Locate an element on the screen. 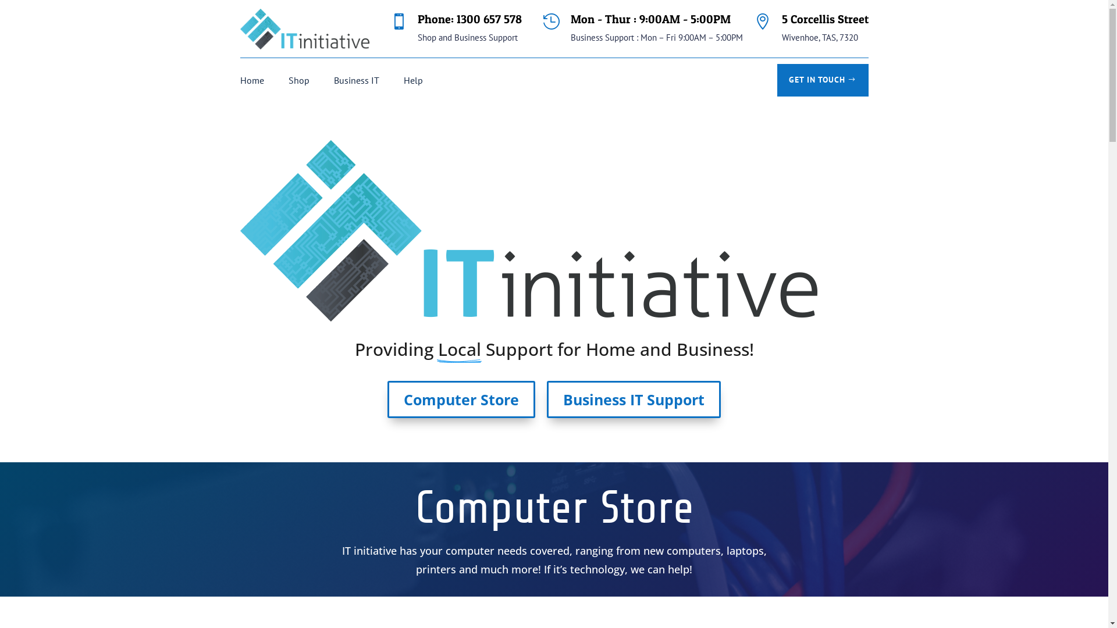 The image size is (1117, 628). 'ITINIT~1' is located at coordinates (527, 231).